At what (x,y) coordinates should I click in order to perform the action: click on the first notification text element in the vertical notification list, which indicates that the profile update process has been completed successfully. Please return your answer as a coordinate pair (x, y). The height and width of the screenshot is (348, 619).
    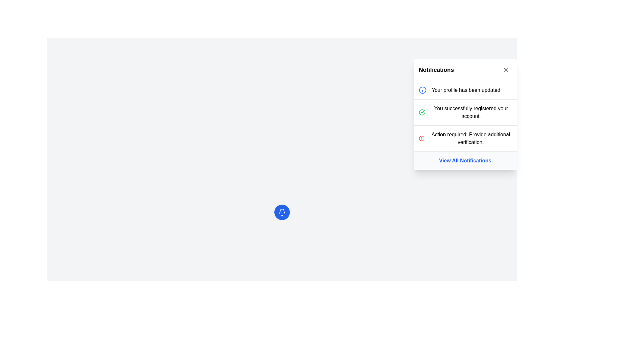
    Looking at the image, I should click on (467, 90).